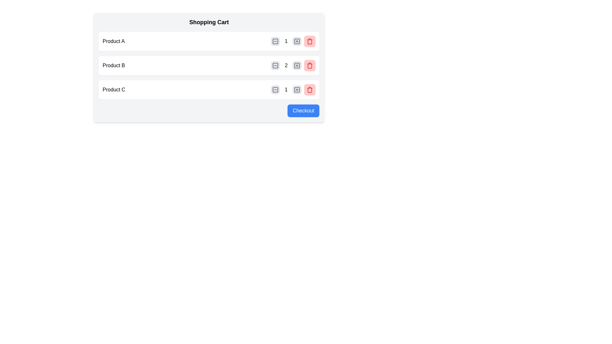 Image resolution: width=612 pixels, height=344 pixels. What do you see at coordinates (275, 65) in the screenshot?
I see `the small gray square button with a minus sign in the center, located in the second row of the shopping cart, to reduce the item quantity` at bounding box center [275, 65].